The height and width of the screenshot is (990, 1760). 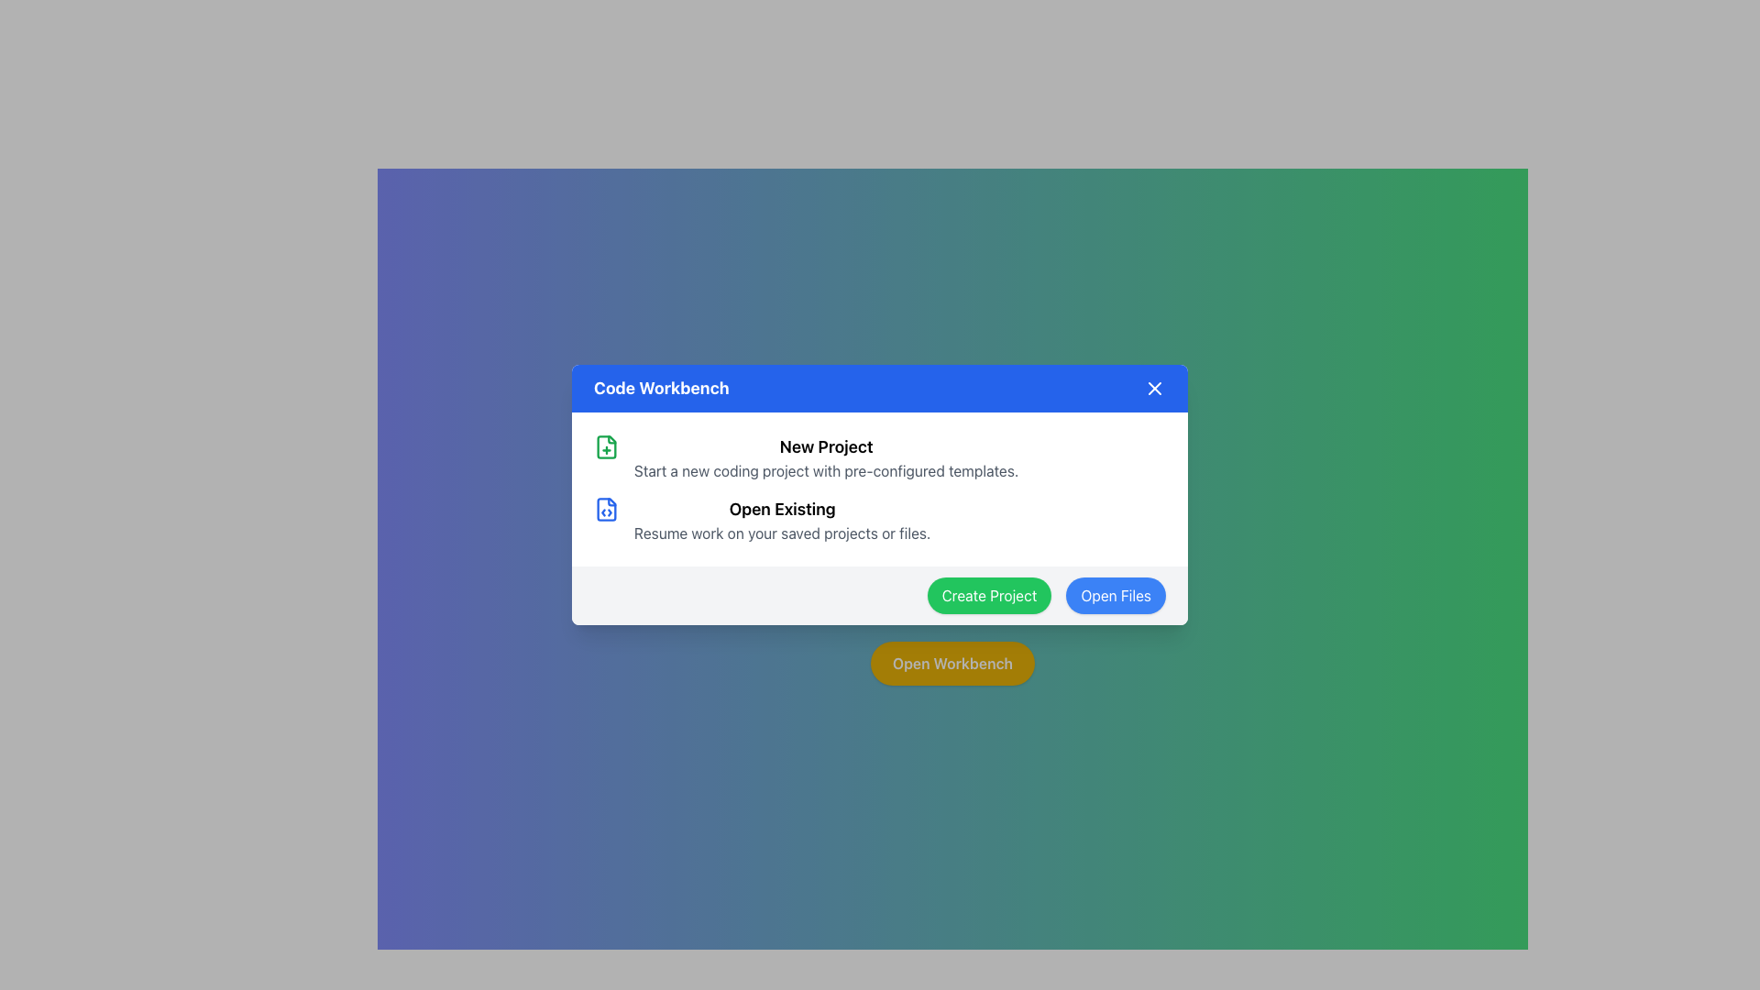 What do you see at coordinates (607, 447) in the screenshot?
I see `the file outline icon, which is a rectangular shape with a light green color, located in the top-left region of the 'Code Workbench' dialog box, to the left of the 'New Project' label` at bounding box center [607, 447].